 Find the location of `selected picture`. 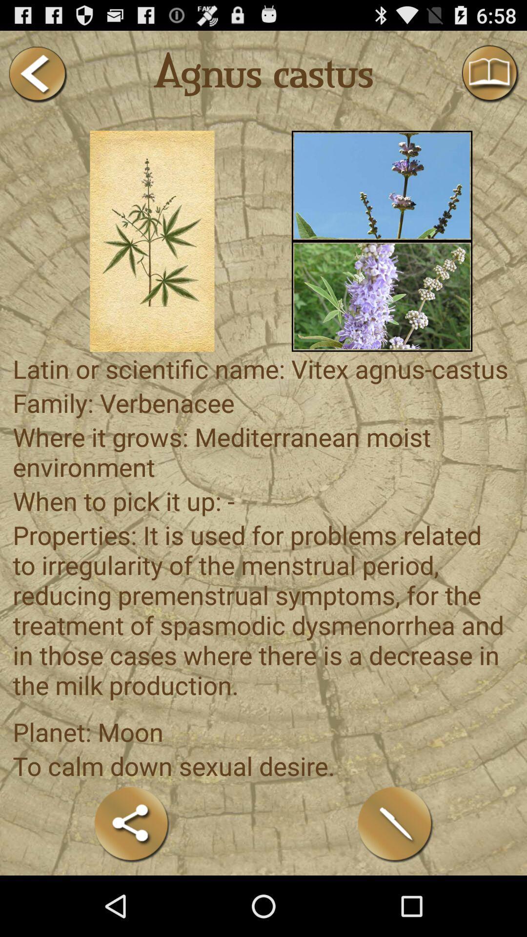

selected picture is located at coordinates (382, 296).